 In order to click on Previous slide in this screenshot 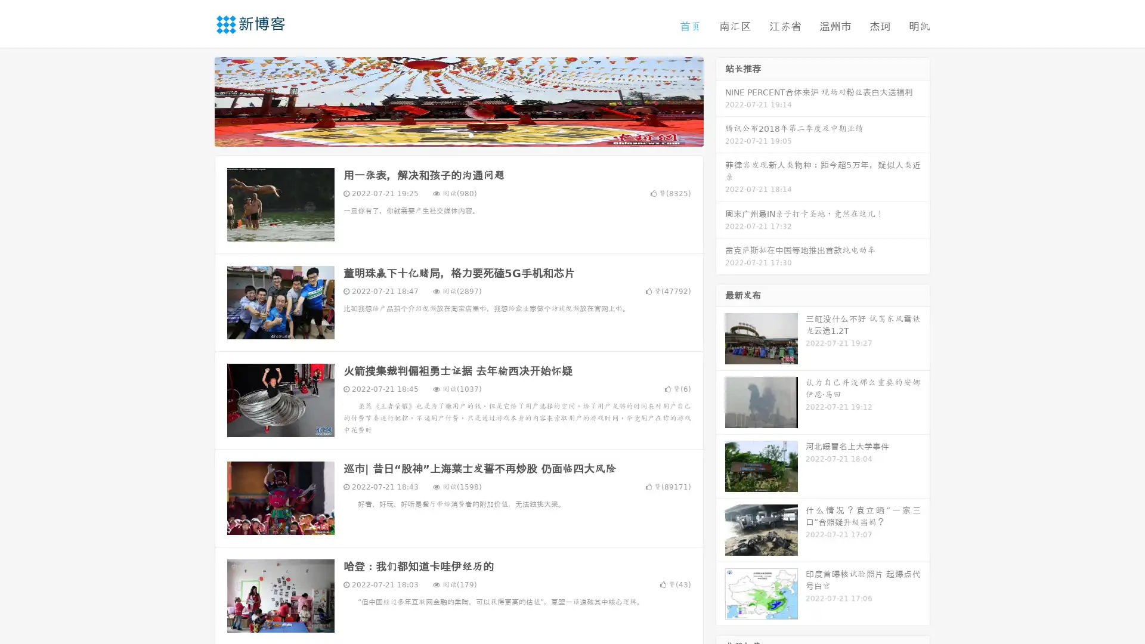, I will do `click(197, 100)`.